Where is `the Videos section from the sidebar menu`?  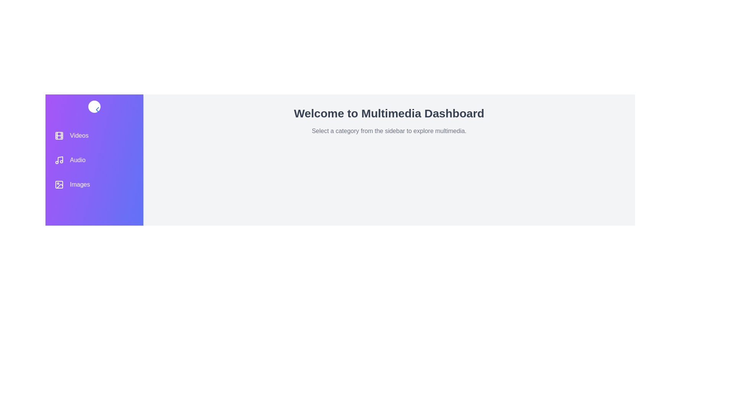
the Videos section from the sidebar menu is located at coordinates (94, 135).